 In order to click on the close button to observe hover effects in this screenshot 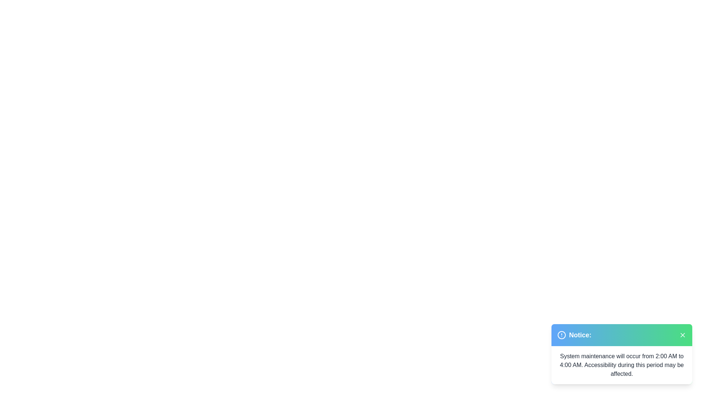, I will do `click(682, 335)`.